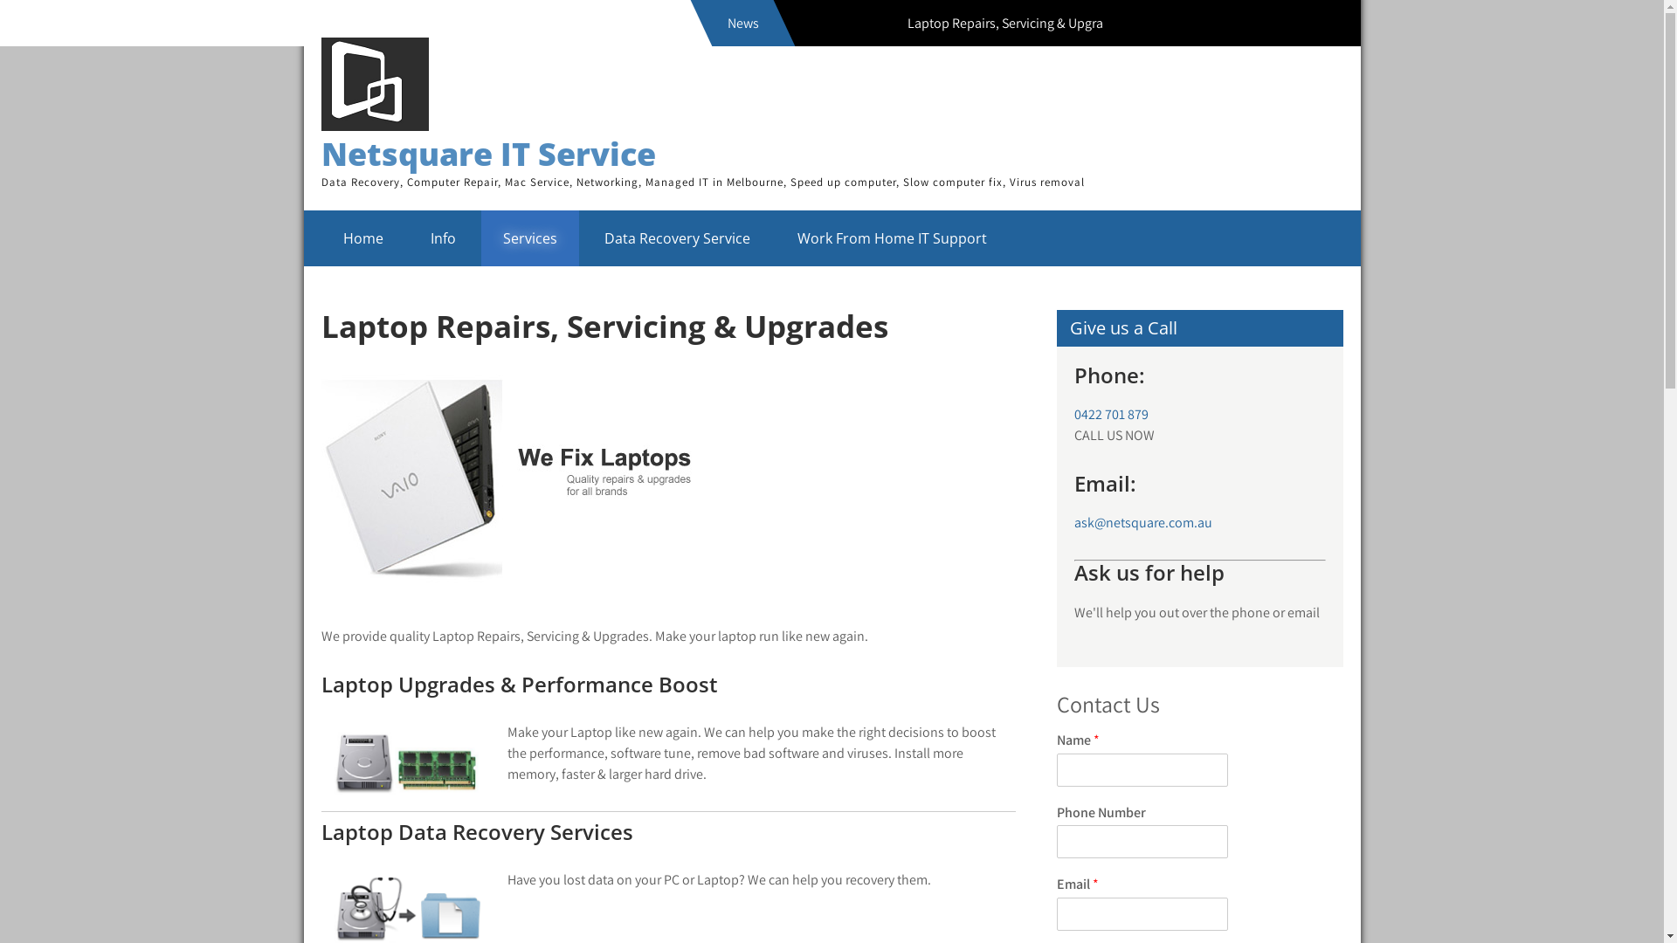 The height and width of the screenshot is (943, 1677). What do you see at coordinates (443, 238) in the screenshot?
I see `'Info'` at bounding box center [443, 238].